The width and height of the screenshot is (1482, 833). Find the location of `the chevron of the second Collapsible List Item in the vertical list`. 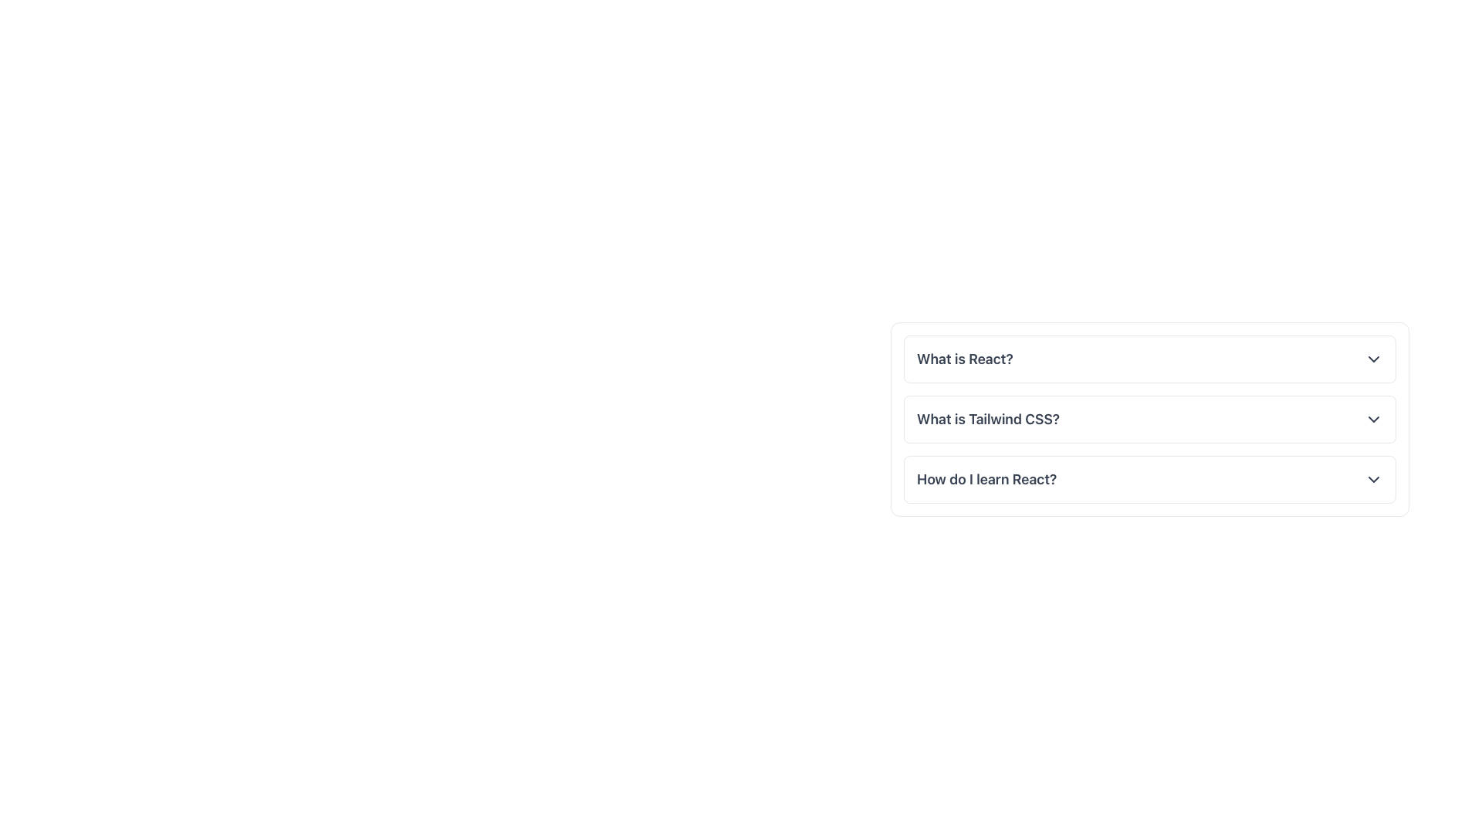

the chevron of the second Collapsible List Item in the vertical list is located at coordinates (1149, 419).